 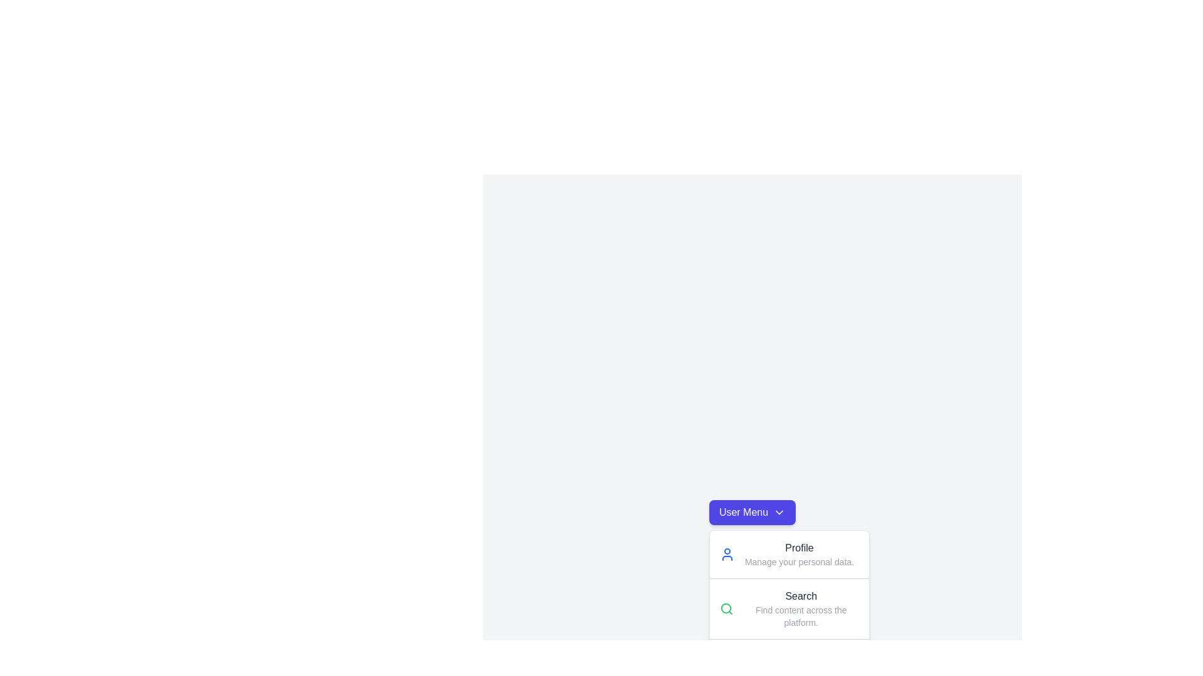 I want to click on the 'Search' label inside the dropdown menu under the 'User Menu' button, which describes the search functionality, so click(x=800, y=595).